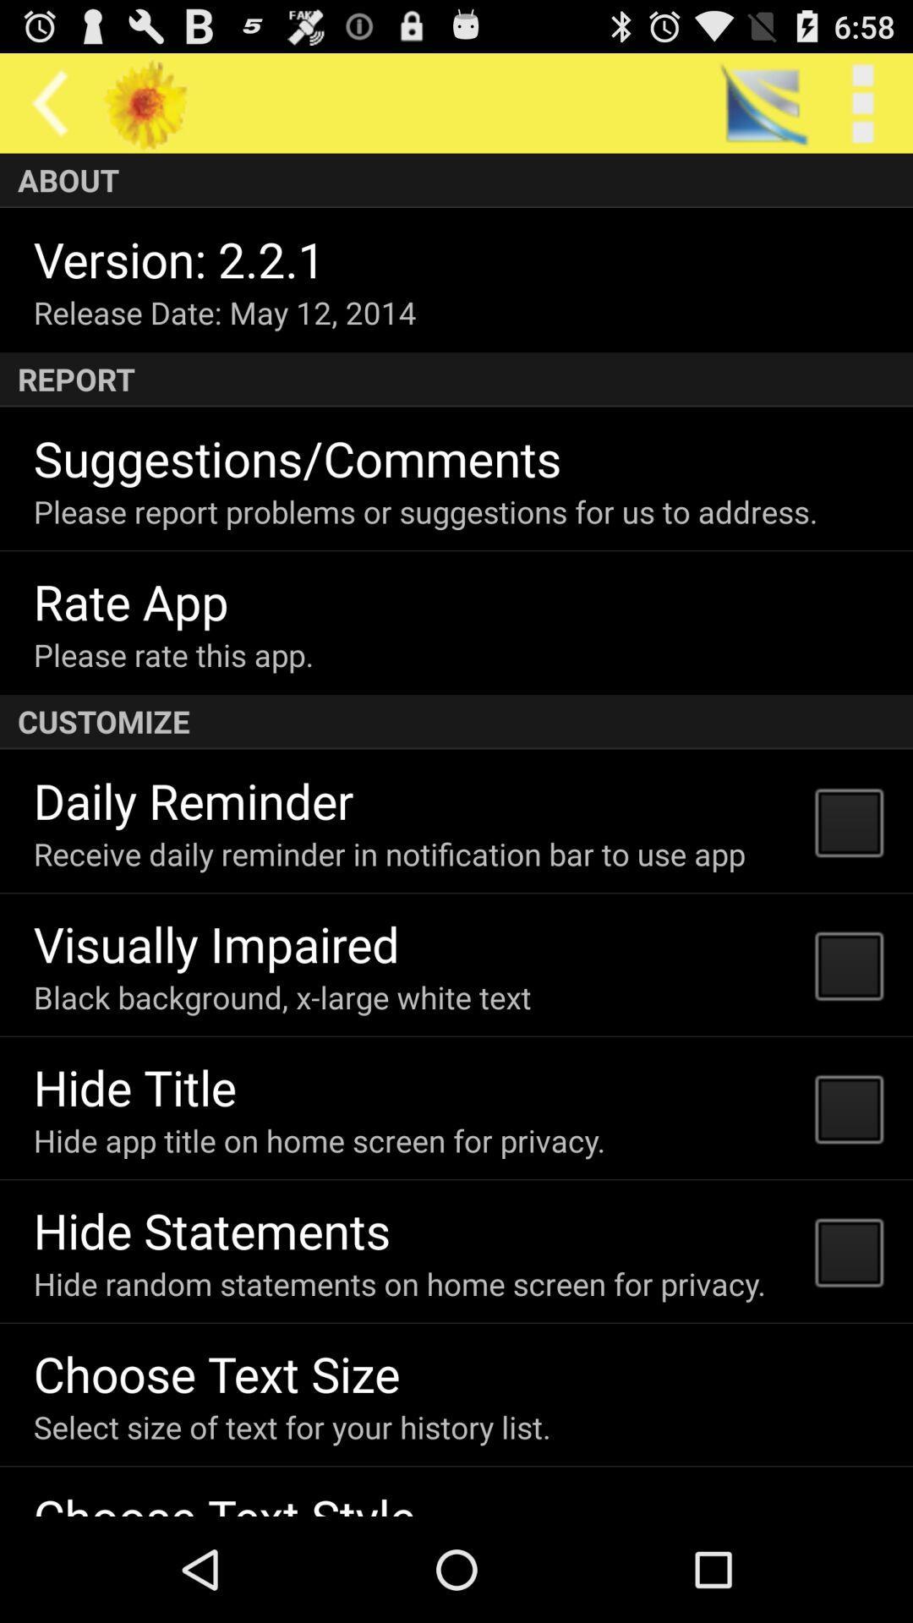 This screenshot has width=913, height=1623. Describe the element at coordinates (456, 722) in the screenshot. I see `app below the please rate this icon` at that location.